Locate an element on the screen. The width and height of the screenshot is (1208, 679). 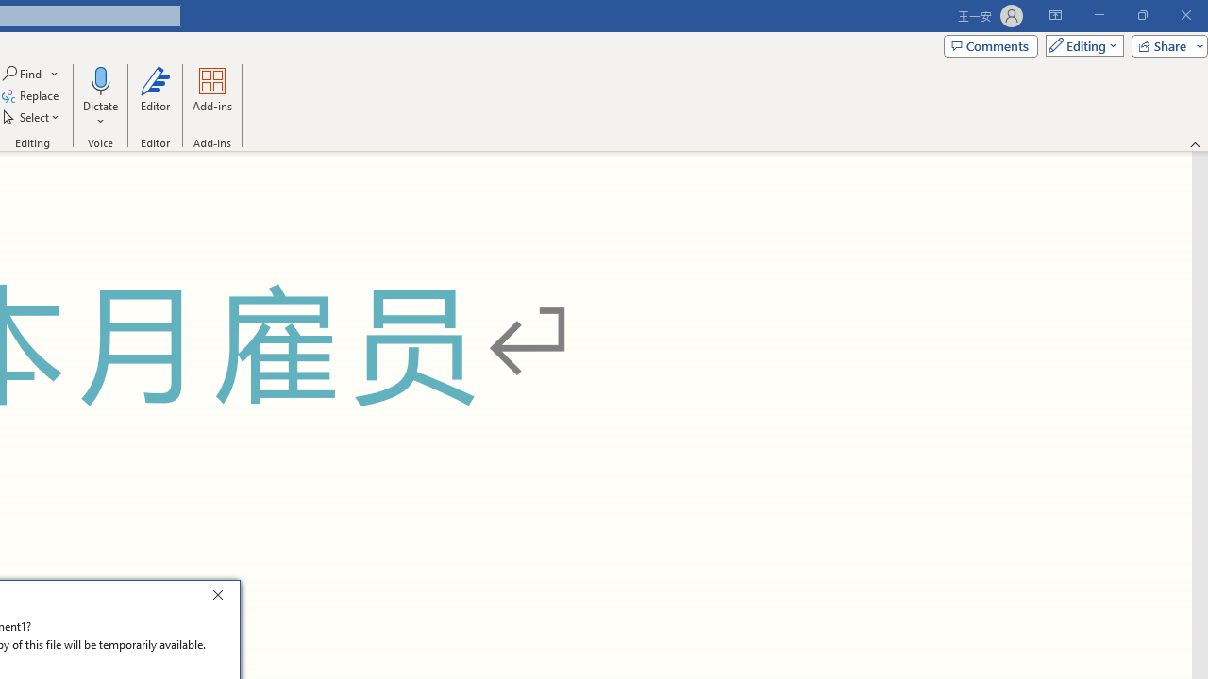
'Share' is located at coordinates (1165, 44).